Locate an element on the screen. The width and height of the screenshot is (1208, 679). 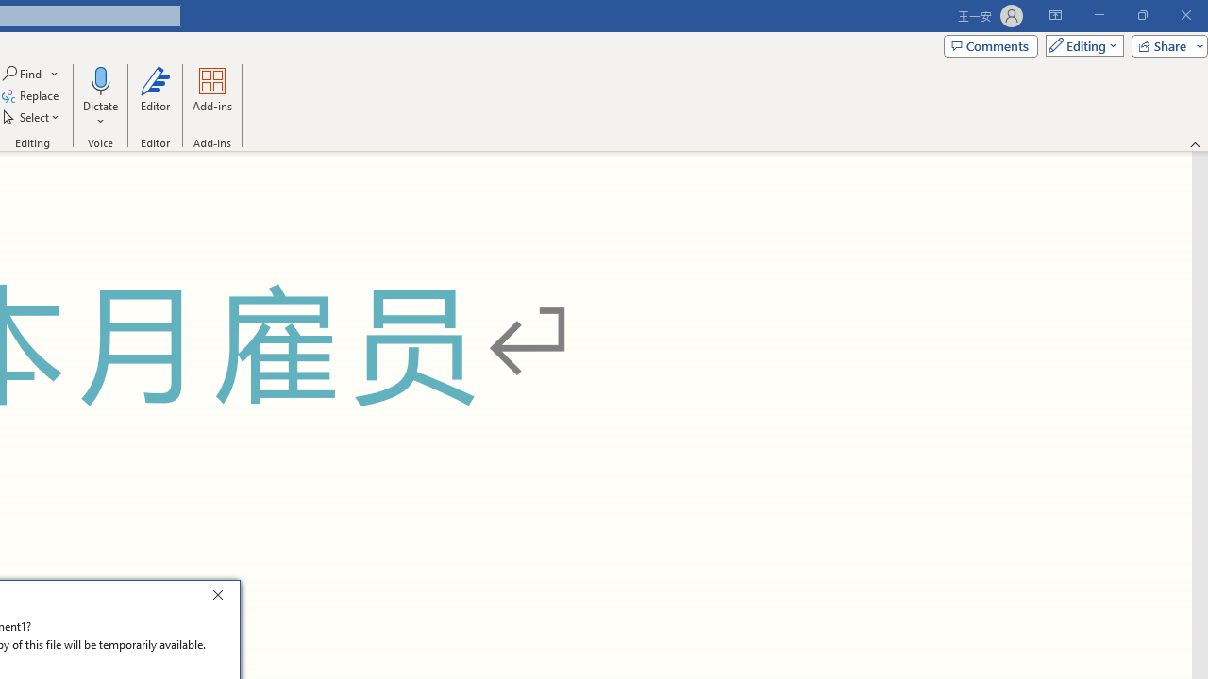
'Share' is located at coordinates (1165, 44).